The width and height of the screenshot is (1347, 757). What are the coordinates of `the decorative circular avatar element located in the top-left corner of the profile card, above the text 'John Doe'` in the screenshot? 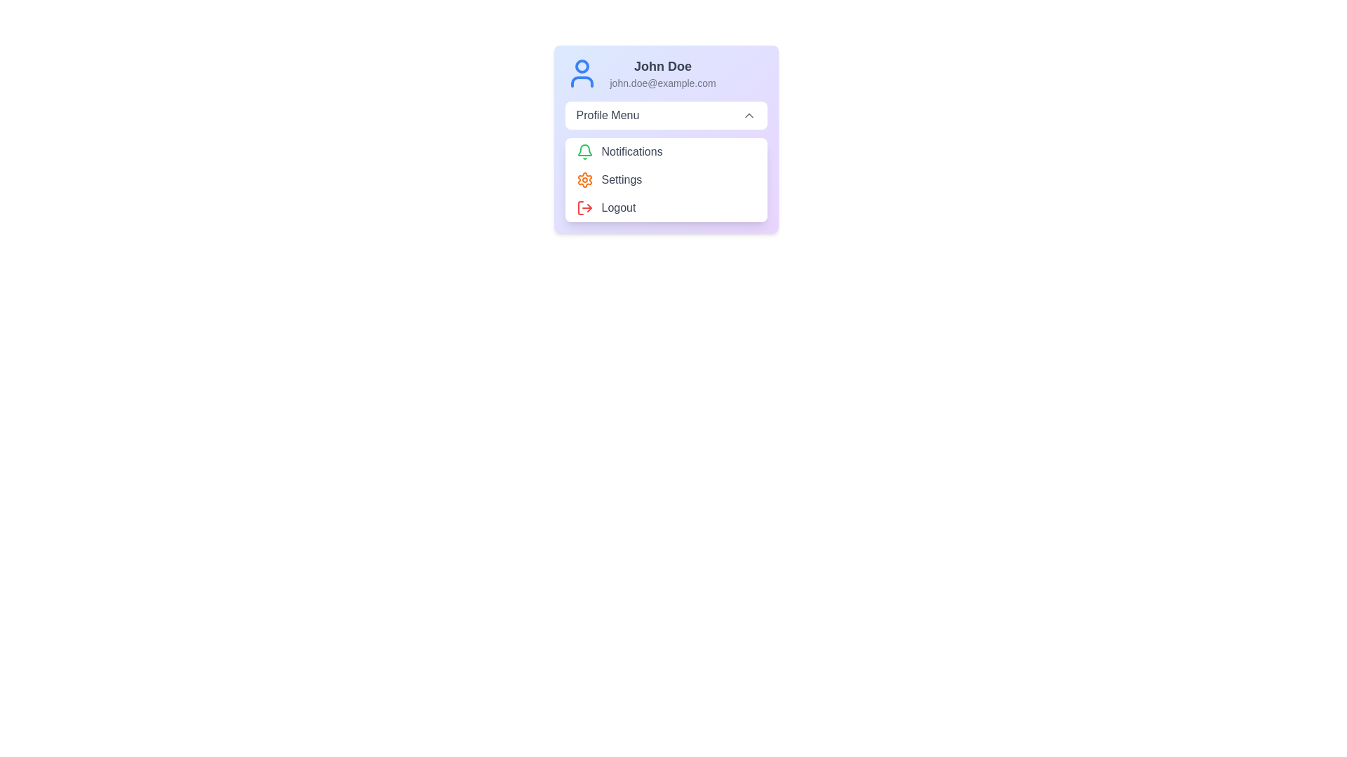 It's located at (582, 67).